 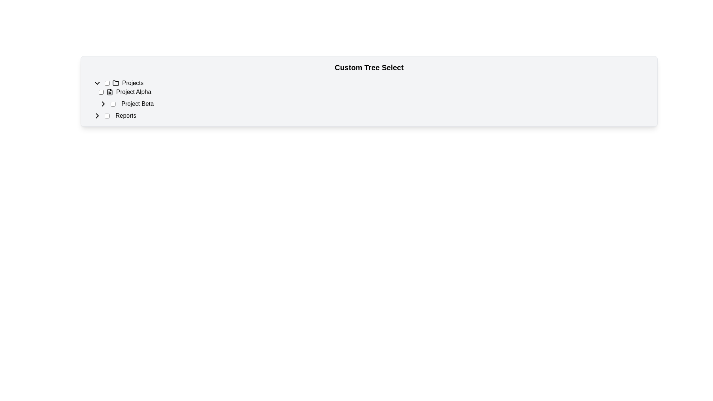 What do you see at coordinates (110, 91) in the screenshot?
I see `the file icon representing the document associated with 'Project Alpha', which is located to the left of the checkbox and precedes the text 'Project Alpha'` at bounding box center [110, 91].